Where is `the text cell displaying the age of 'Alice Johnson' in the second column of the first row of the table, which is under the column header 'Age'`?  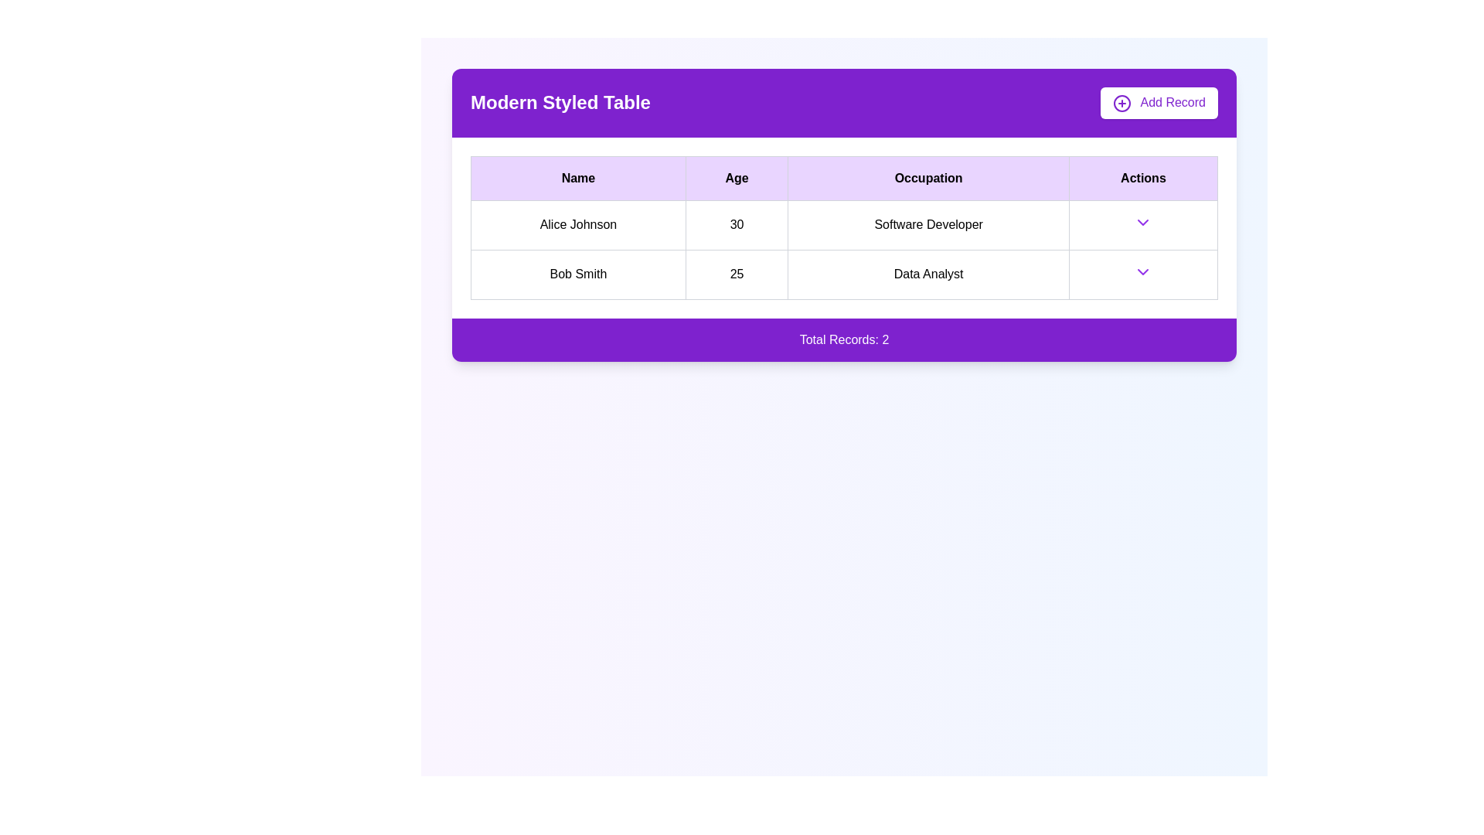 the text cell displaying the age of 'Alice Johnson' in the second column of the first row of the table, which is under the column header 'Age' is located at coordinates (736, 225).